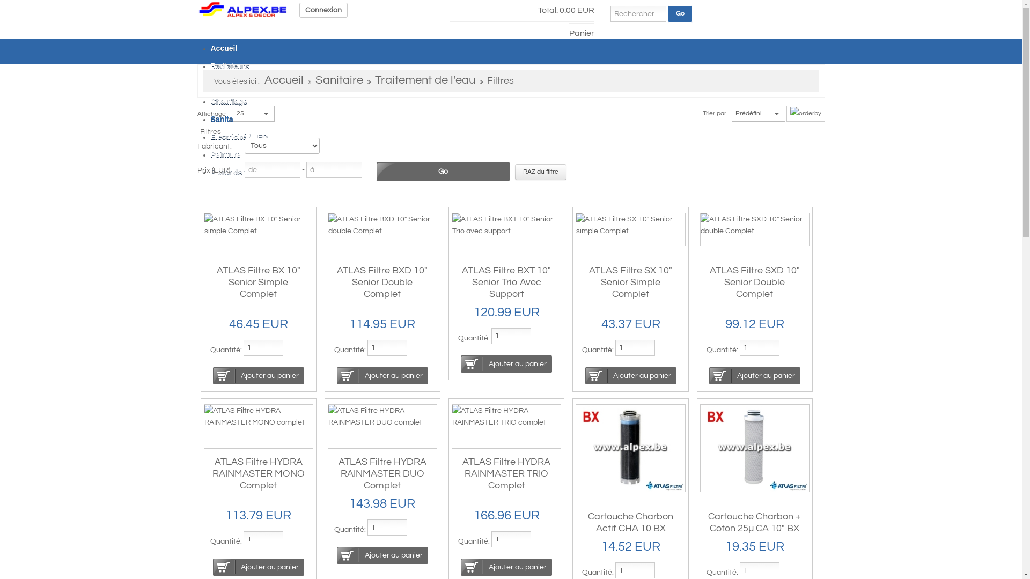  I want to click on 'Sanitaire', so click(315, 80).